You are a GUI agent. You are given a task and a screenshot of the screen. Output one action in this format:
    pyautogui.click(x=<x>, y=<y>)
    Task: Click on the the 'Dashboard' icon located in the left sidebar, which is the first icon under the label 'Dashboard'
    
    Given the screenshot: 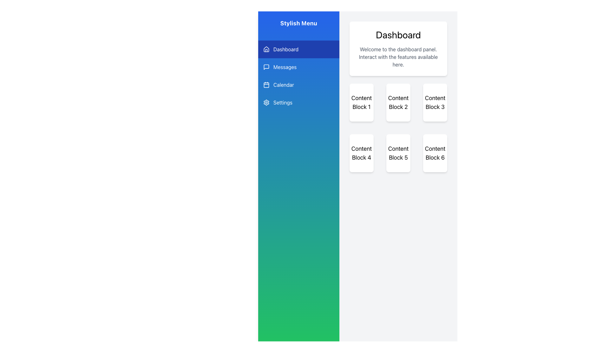 What is the action you would take?
    pyautogui.click(x=266, y=49)
    